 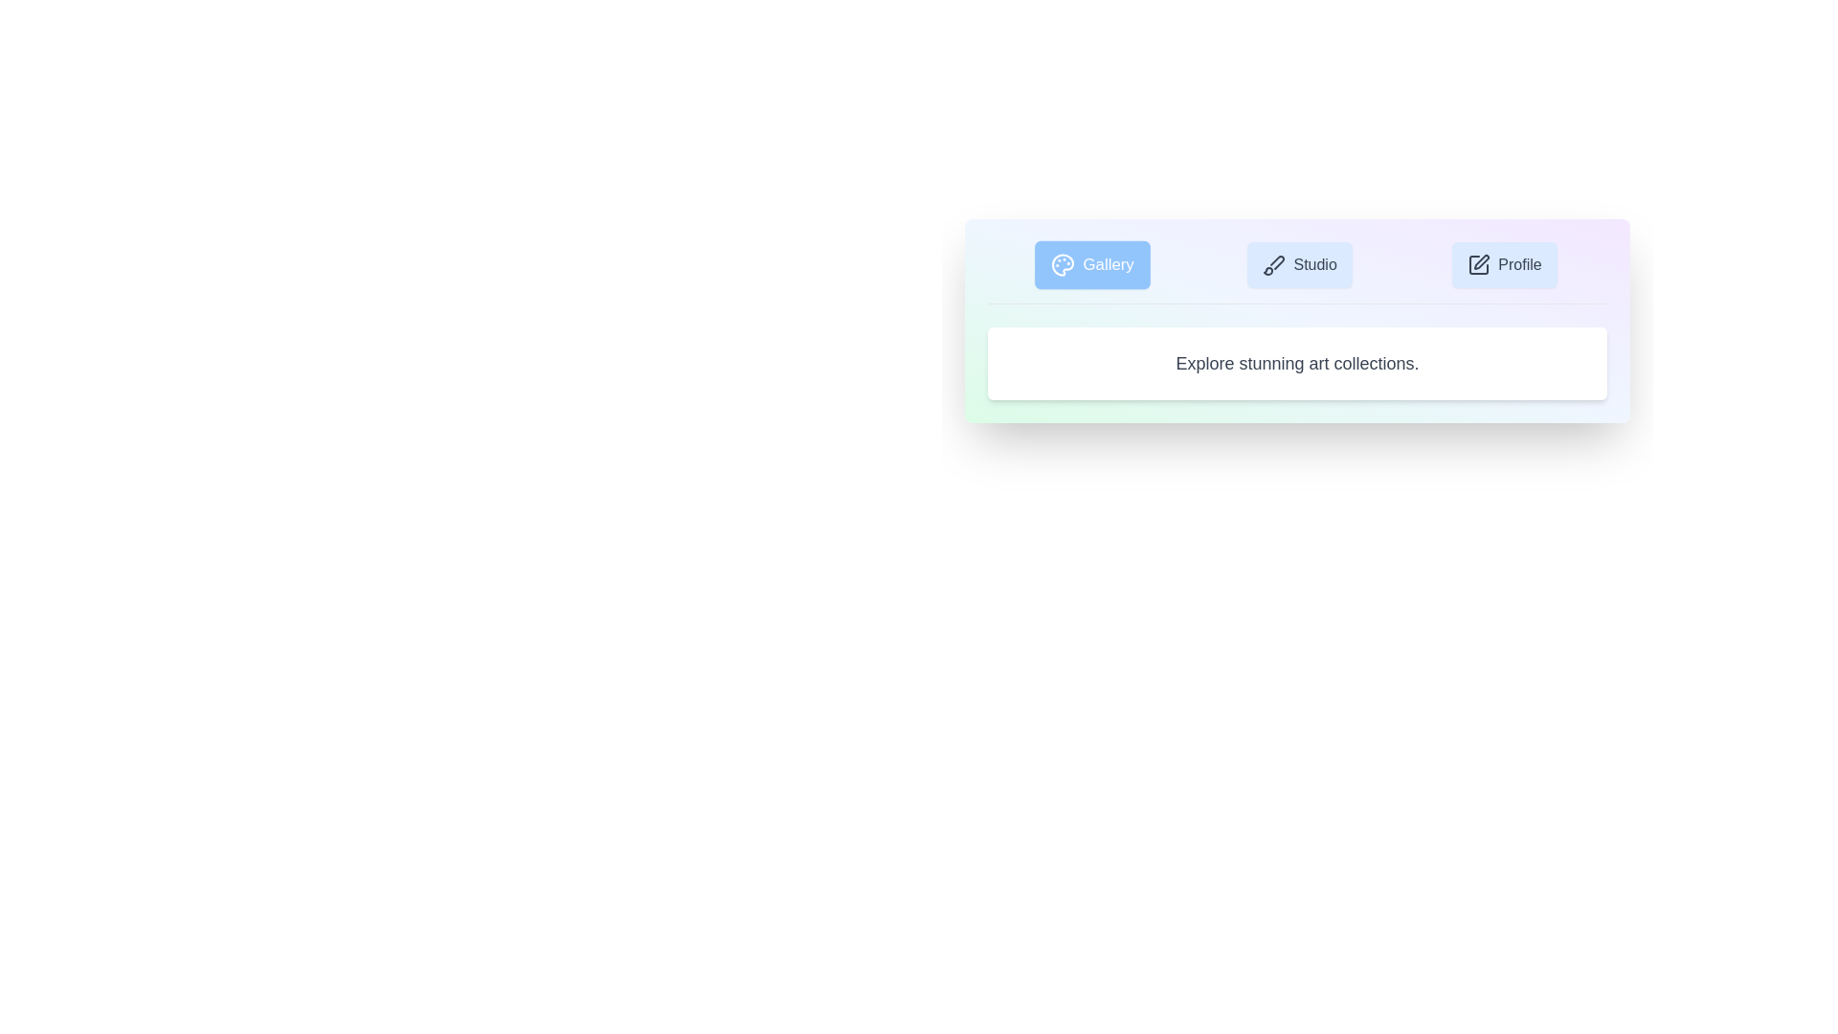 What do you see at coordinates (1504, 265) in the screenshot?
I see `the Profile tab to switch the active content` at bounding box center [1504, 265].